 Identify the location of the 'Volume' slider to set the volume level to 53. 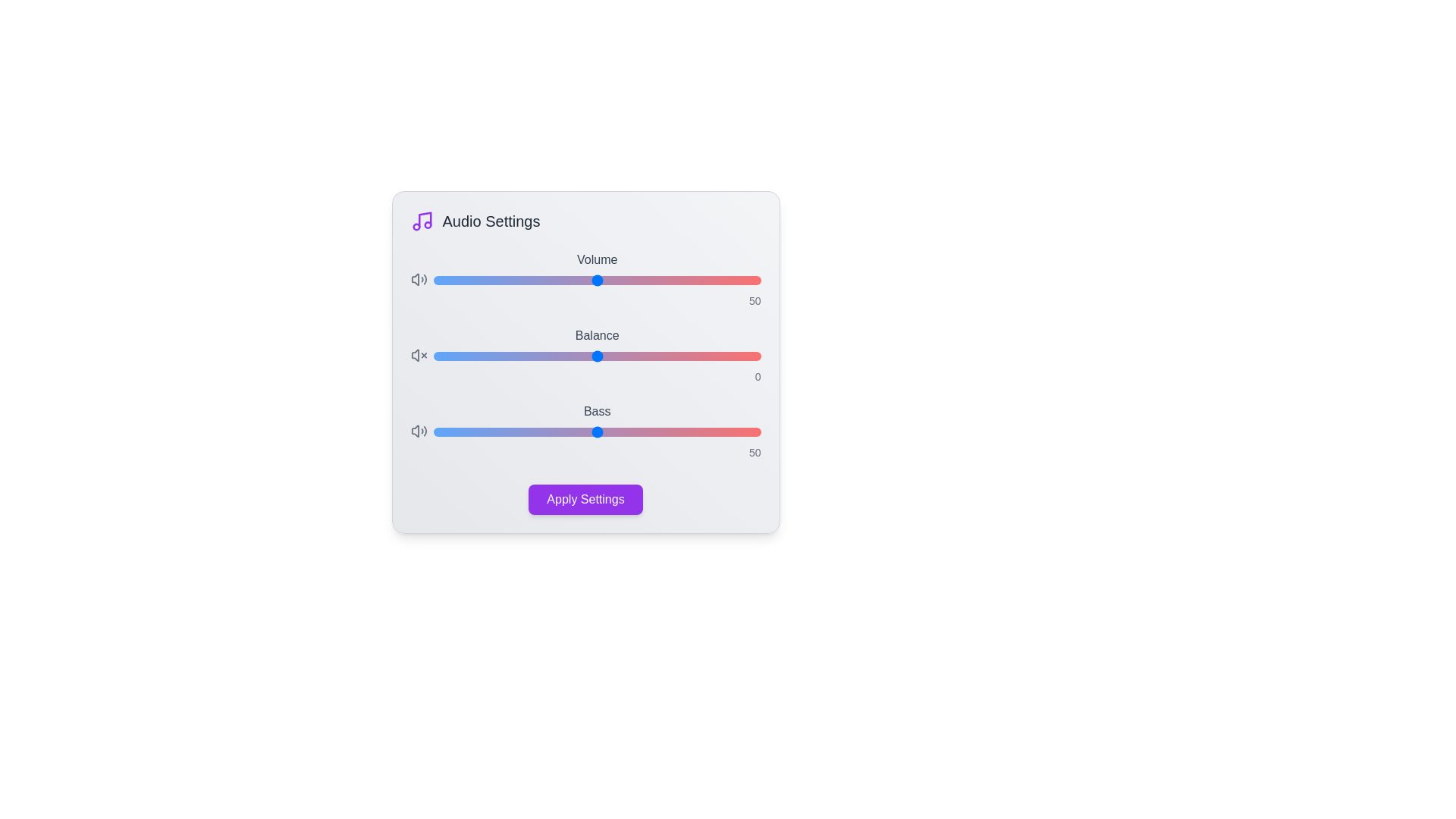
(607, 281).